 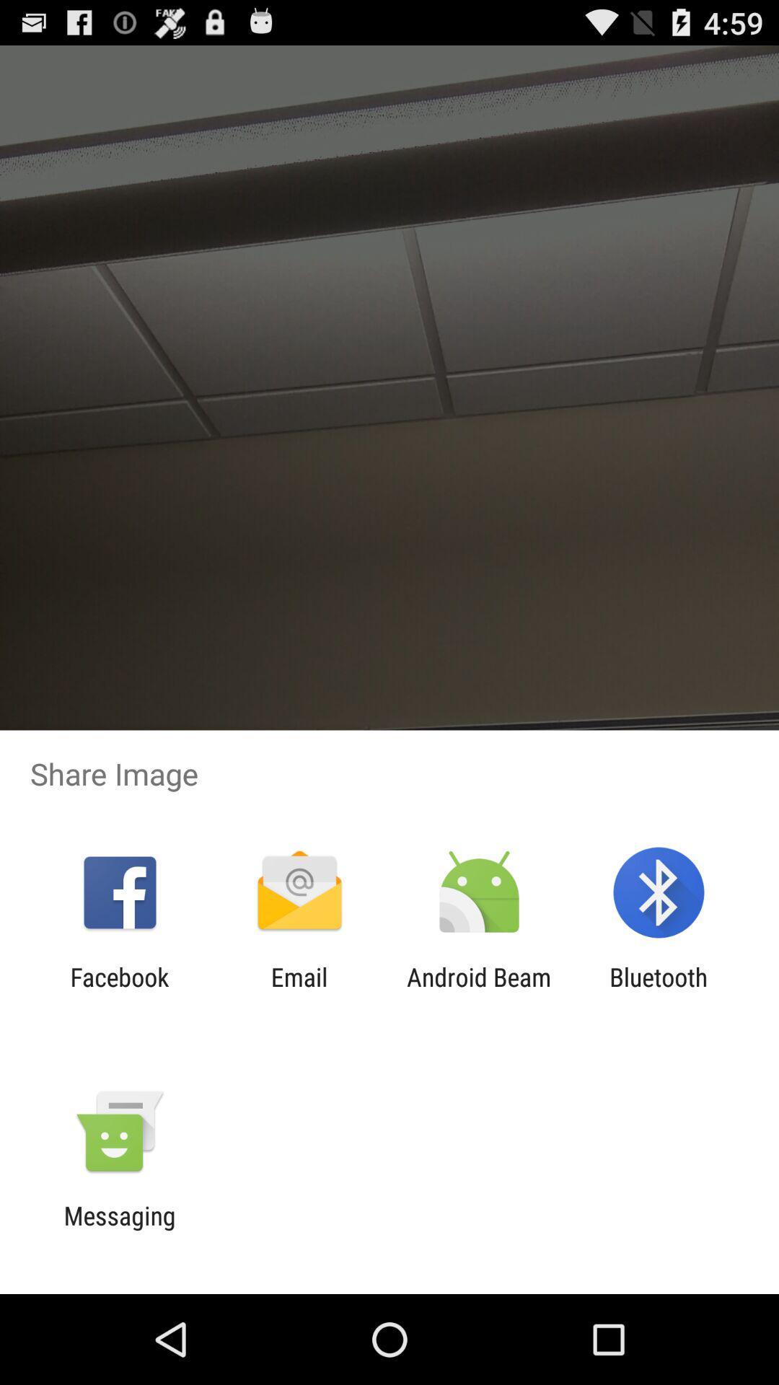 I want to click on the messaging icon, so click(x=119, y=1230).